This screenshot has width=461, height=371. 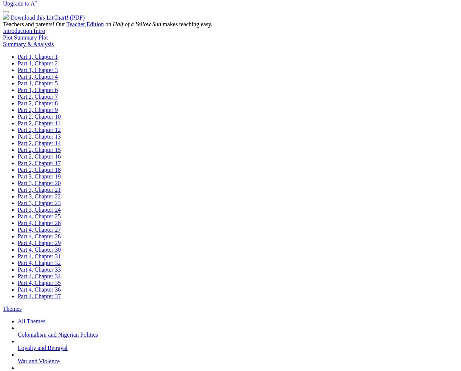 What do you see at coordinates (38, 361) in the screenshot?
I see `'War and Violence'` at bounding box center [38, 361].